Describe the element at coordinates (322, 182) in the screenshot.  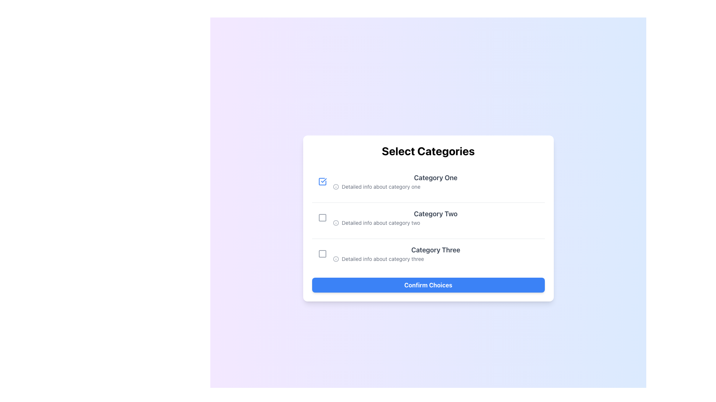
I see `the checkbox element indicating that the 'Category One' option is chosen by clicking on its outer square` at that location.